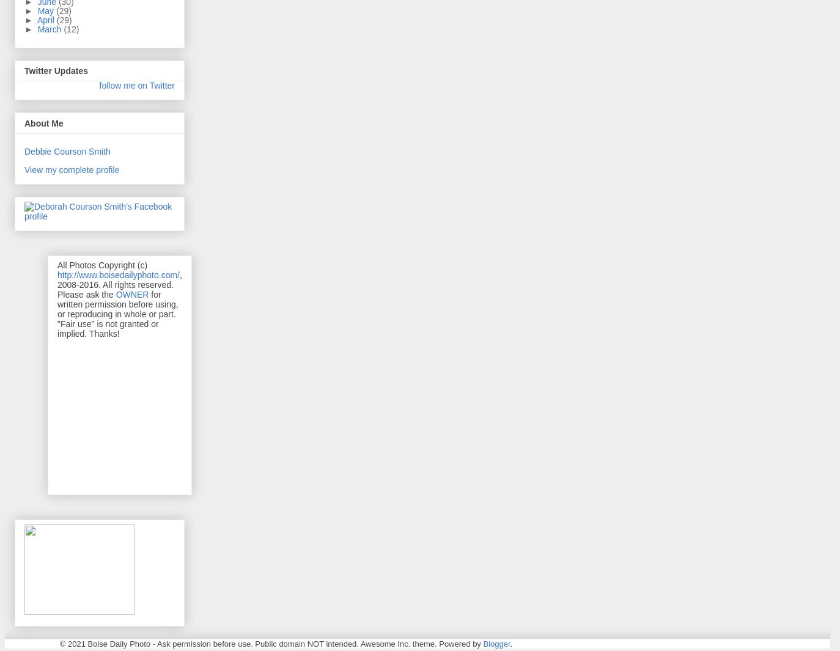 The image size is (840, 651). I want to click on 'About Me', so click(43, 122).